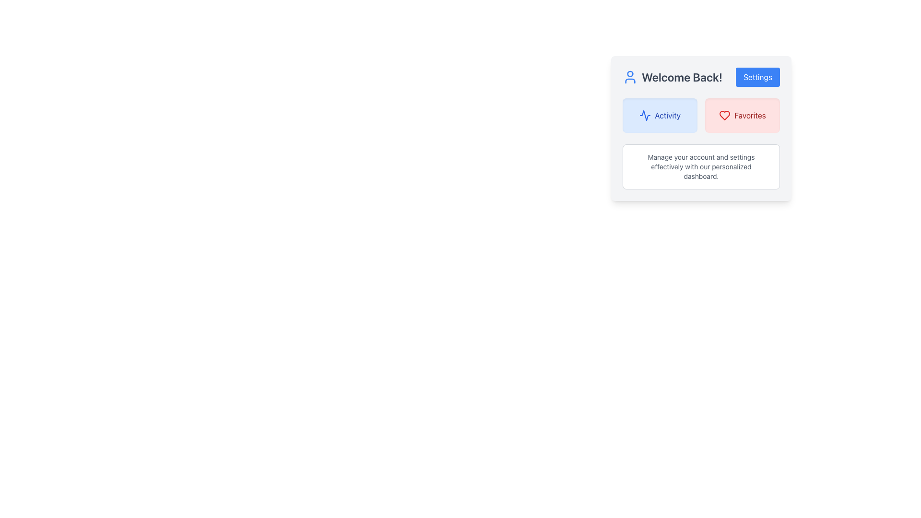 The width and height of the screenshot is (921, 518). I want to click on welcoming message displayed in the Text Block with Icon that says 'Welcome Back!' which is located at the top left of the dashboard interface, so click(672, 77).